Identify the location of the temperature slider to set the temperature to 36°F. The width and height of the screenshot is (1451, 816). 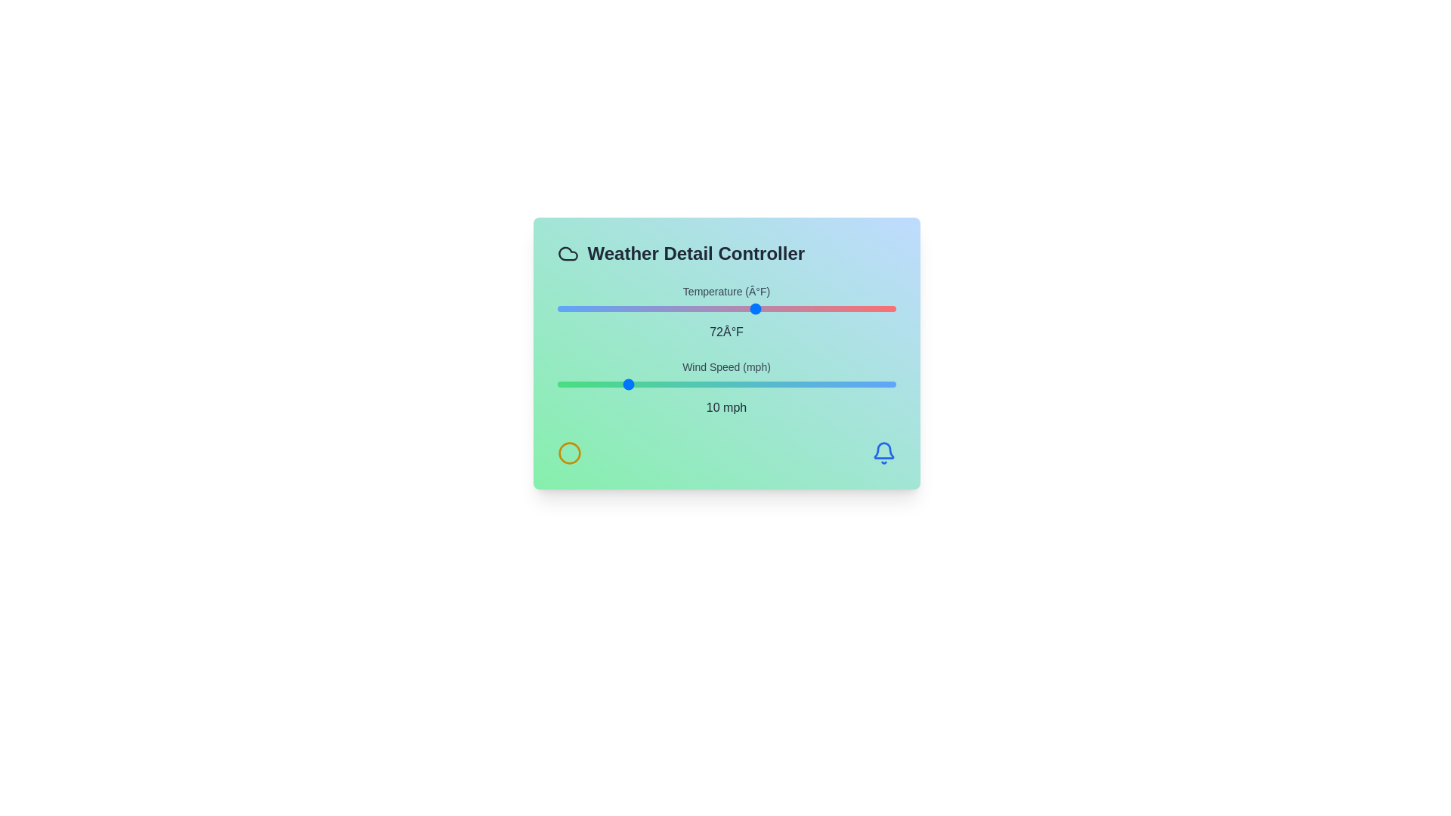
(576, 308).